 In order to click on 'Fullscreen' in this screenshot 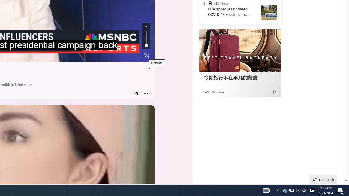, I will do `click(136, 55)`.